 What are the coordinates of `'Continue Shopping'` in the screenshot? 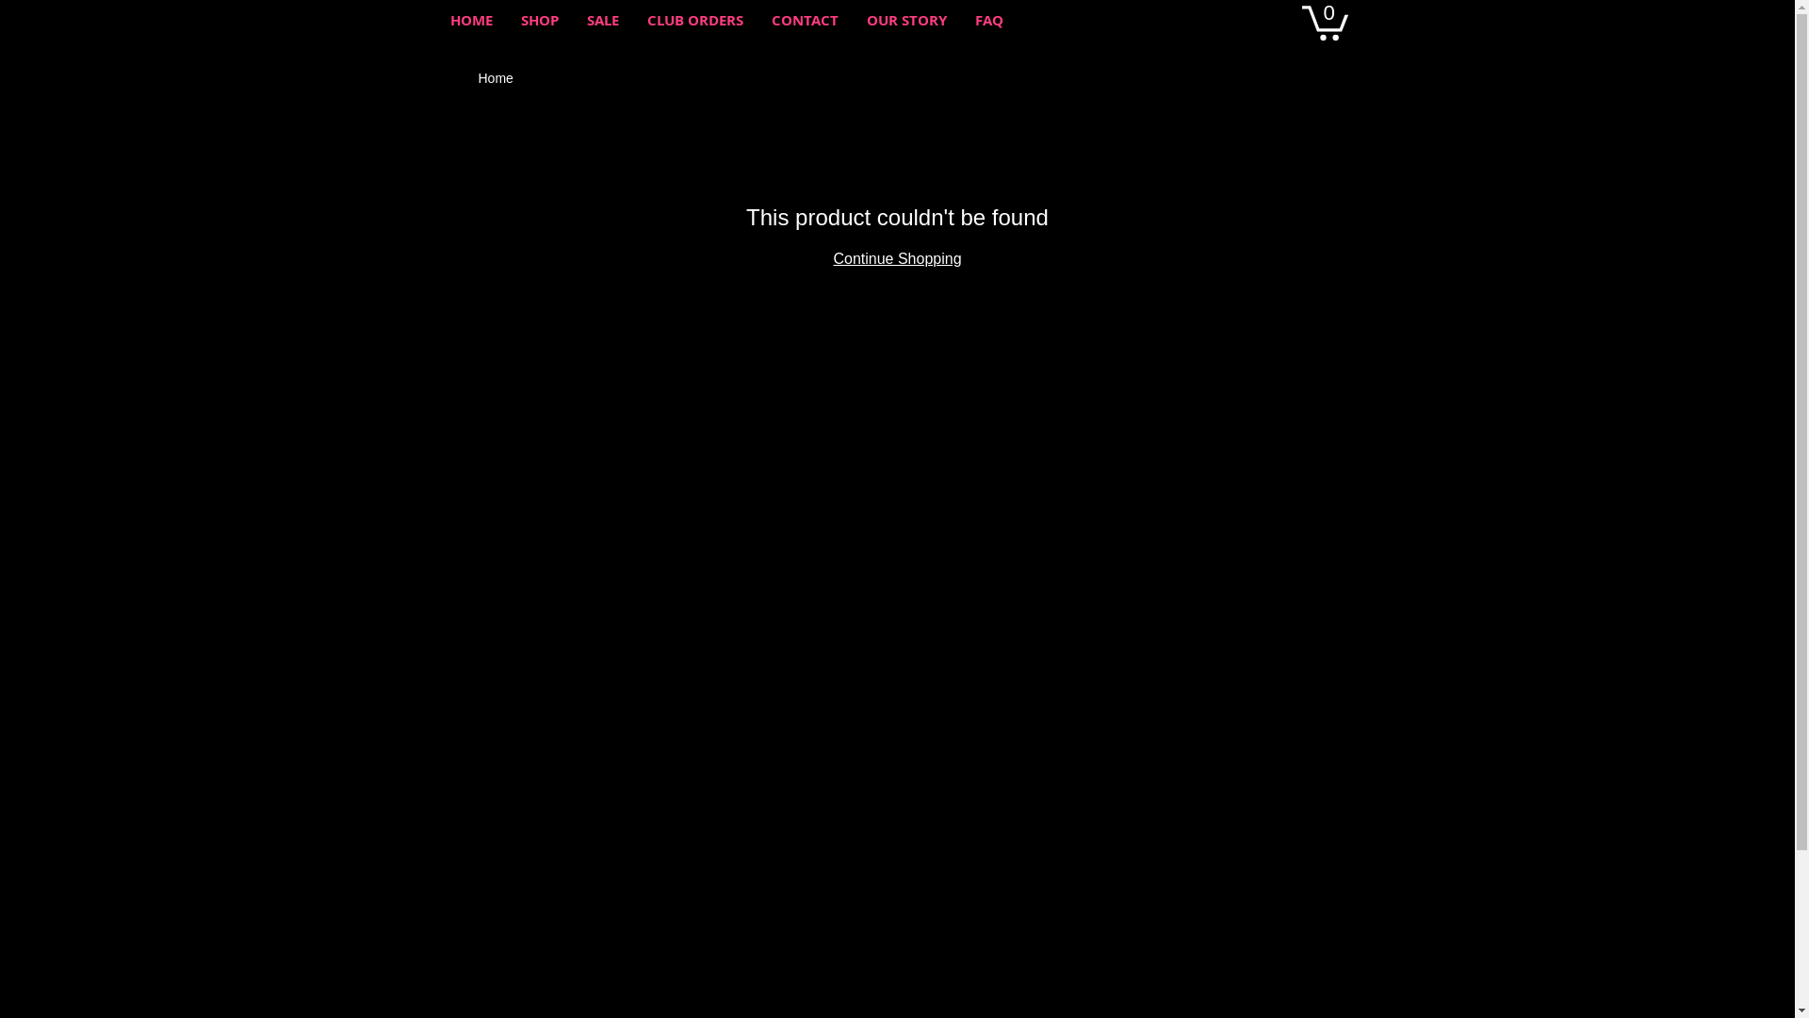 It's located at (895, 258).